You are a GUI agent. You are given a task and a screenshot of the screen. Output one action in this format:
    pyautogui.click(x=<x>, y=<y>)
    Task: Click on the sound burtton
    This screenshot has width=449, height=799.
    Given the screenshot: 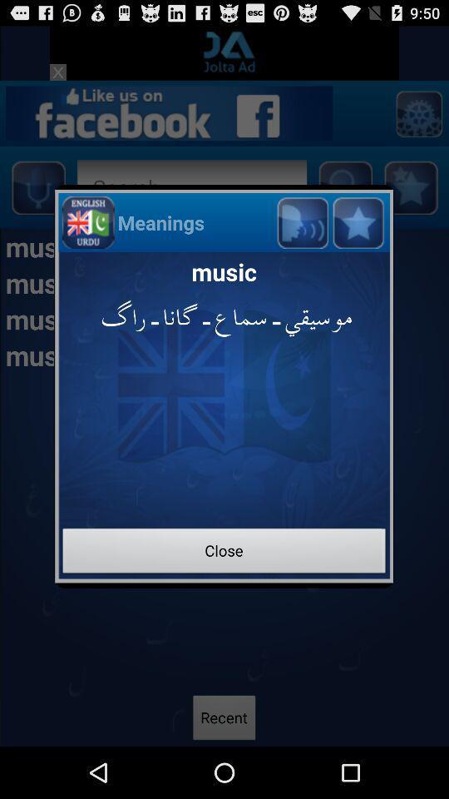 What is the action you would take?
    pyautogui.click(x=301, y=221)
    